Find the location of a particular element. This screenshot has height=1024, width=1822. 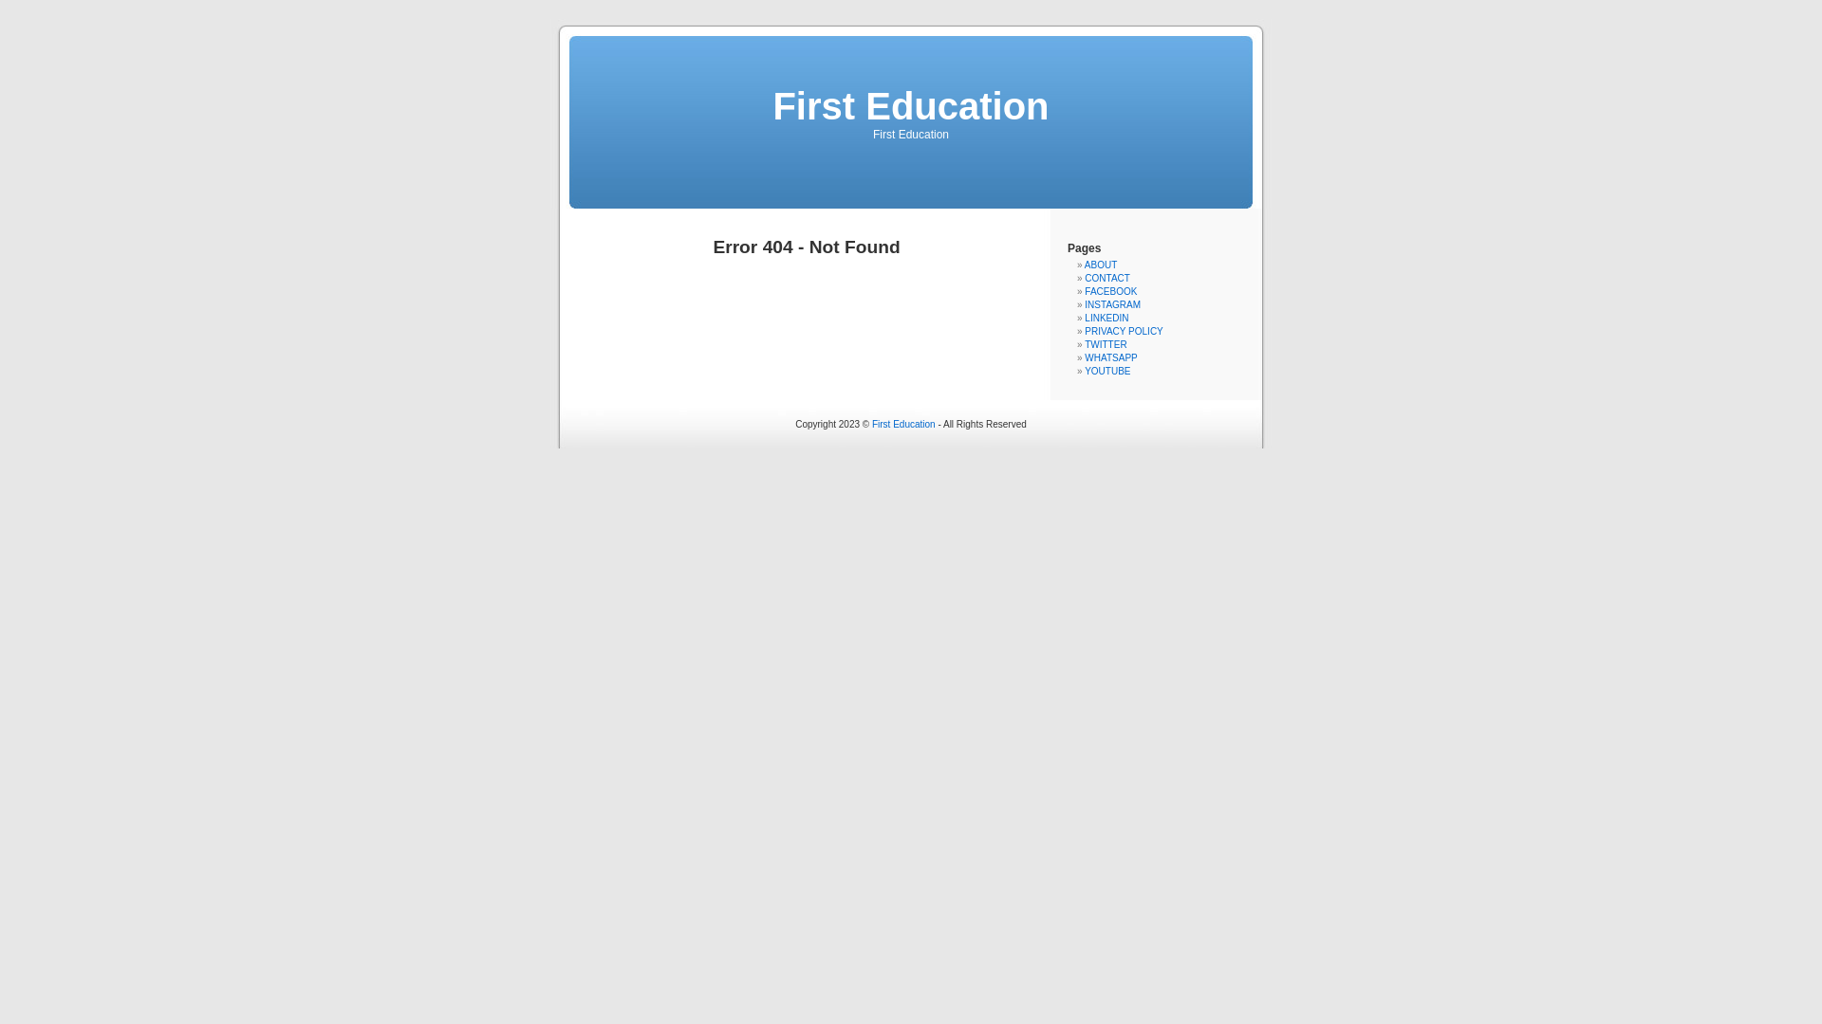

'TWITTER' is located at coordinates (1106, 344).